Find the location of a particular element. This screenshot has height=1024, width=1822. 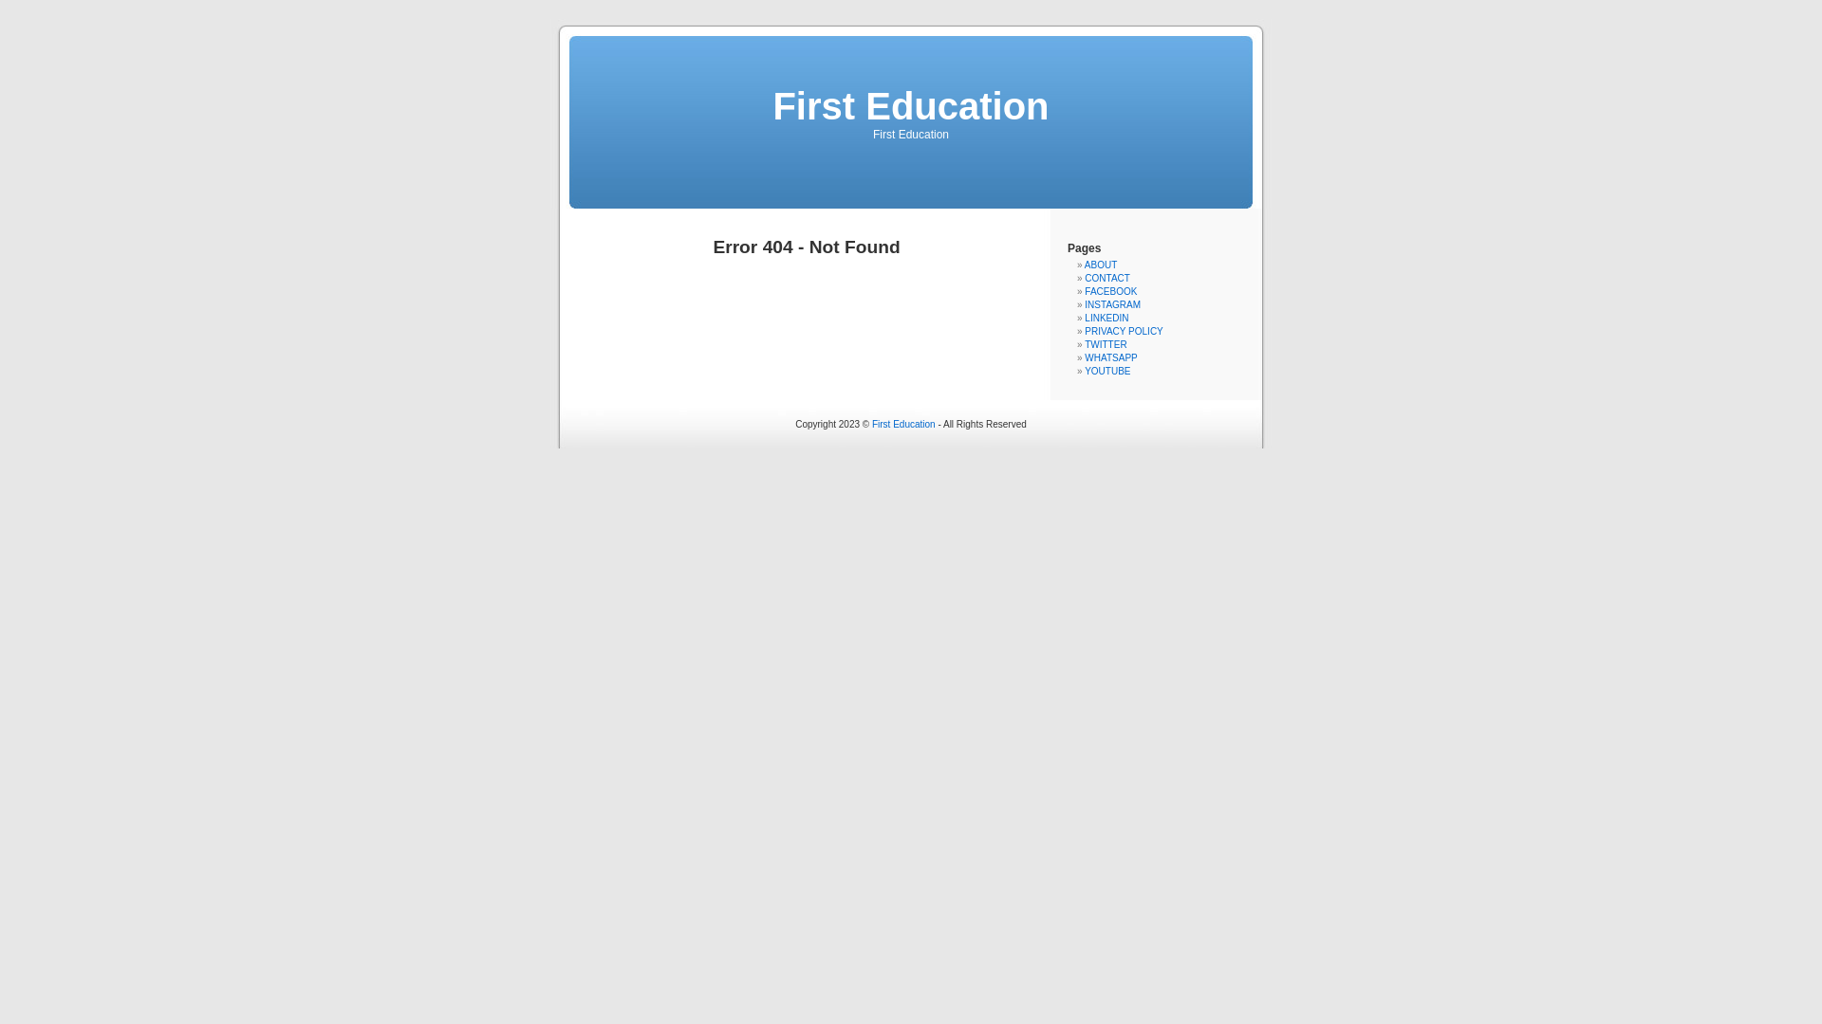

'TWITTER' is located at coordinates (1106, 344).